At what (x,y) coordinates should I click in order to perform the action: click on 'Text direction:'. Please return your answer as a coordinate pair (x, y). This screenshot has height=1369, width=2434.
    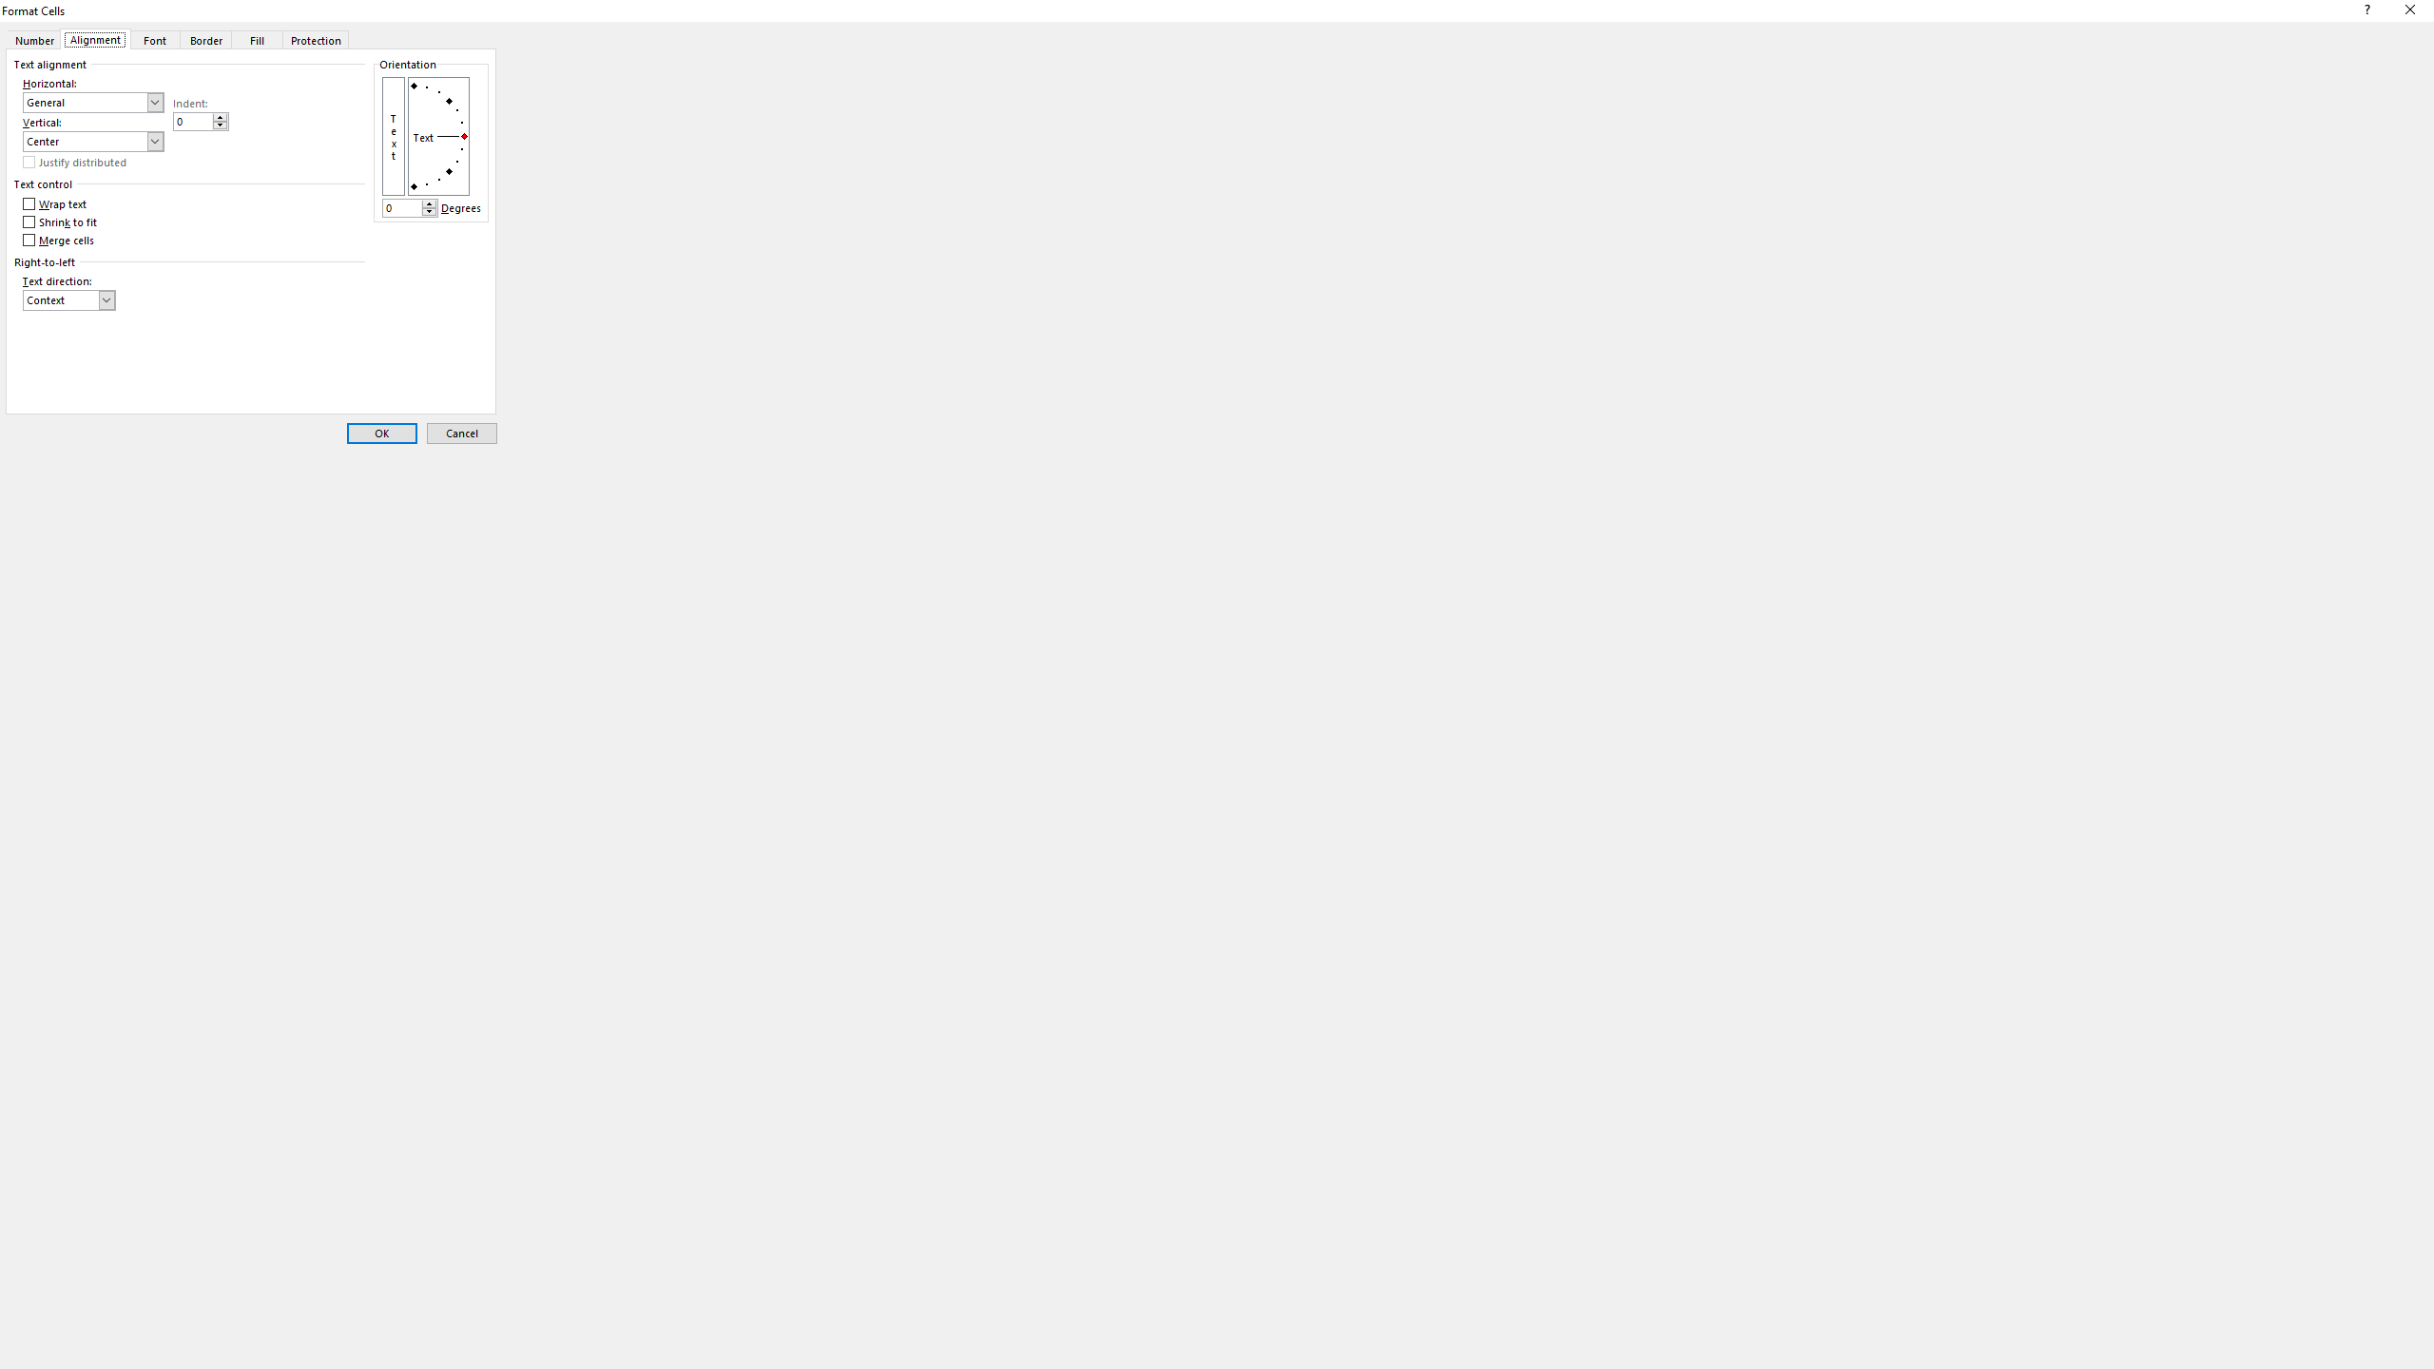
    Looking at the image, I should click on (68, 299).